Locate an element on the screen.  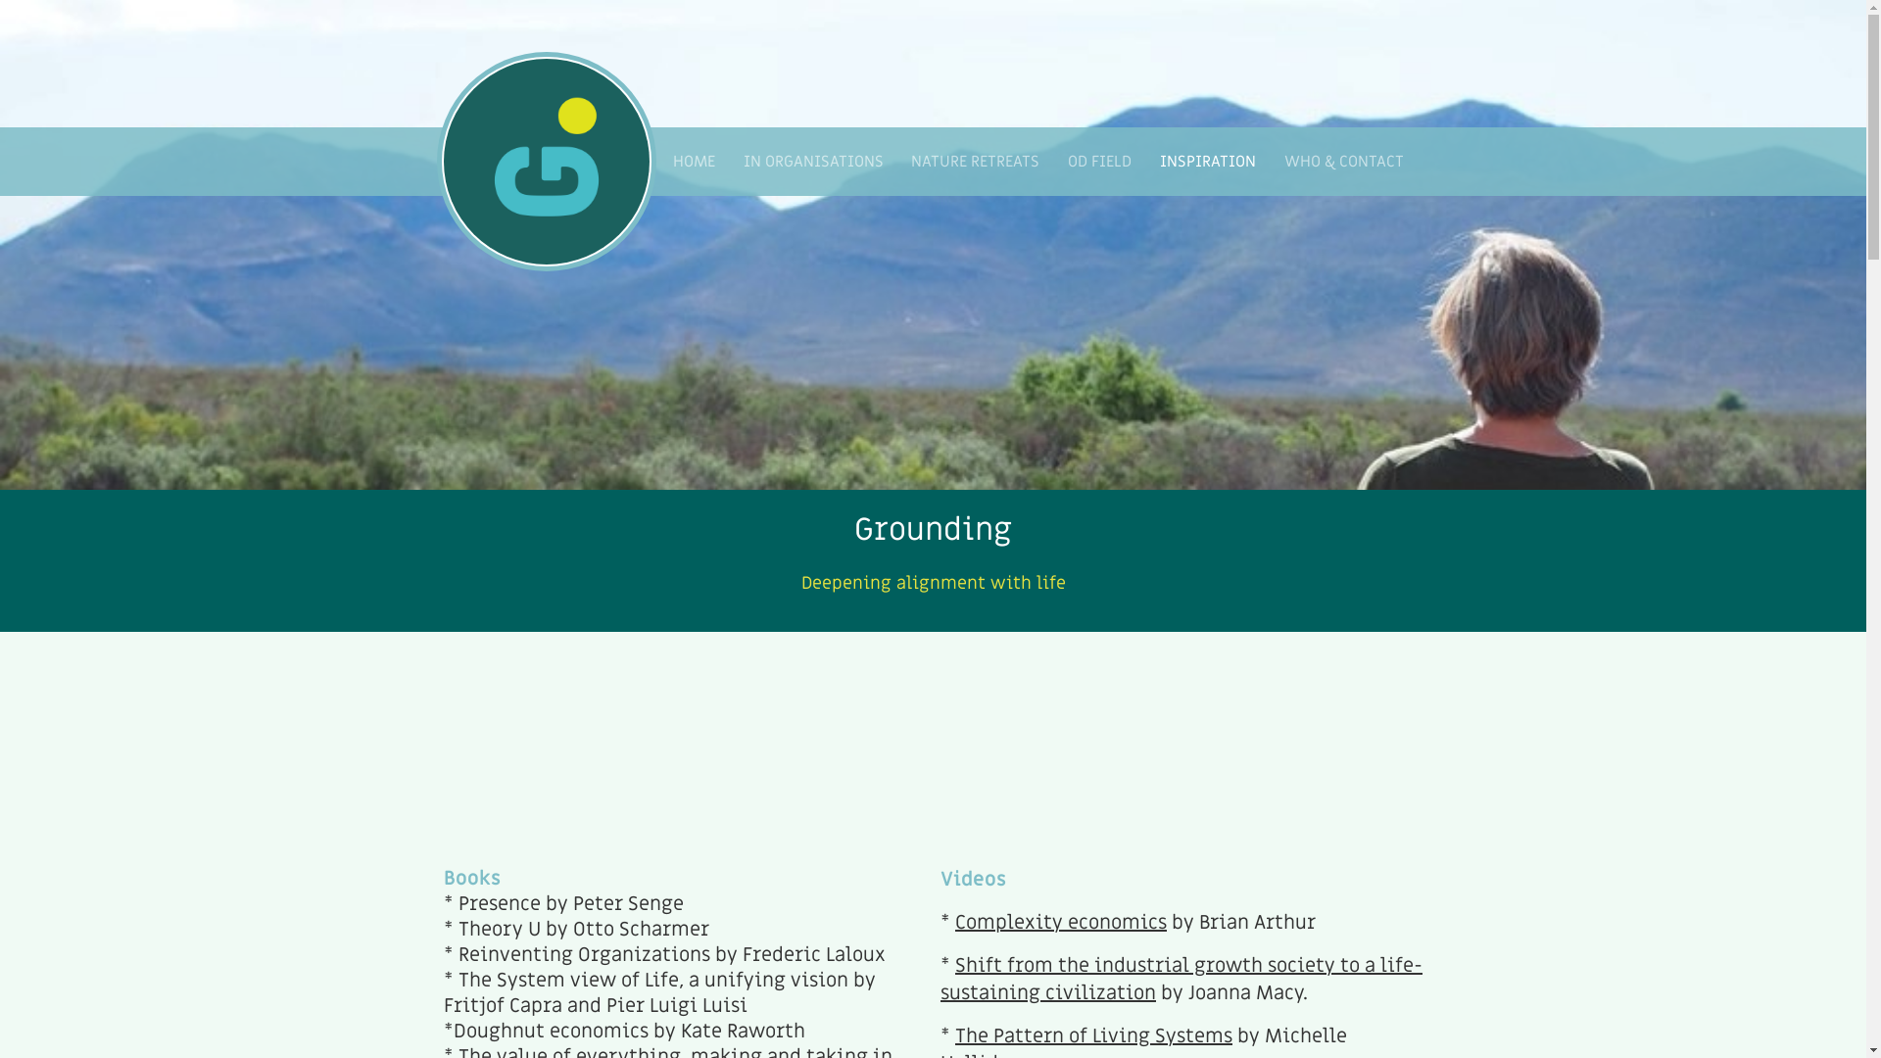
'HOME' is located at coordinates (694, 161).